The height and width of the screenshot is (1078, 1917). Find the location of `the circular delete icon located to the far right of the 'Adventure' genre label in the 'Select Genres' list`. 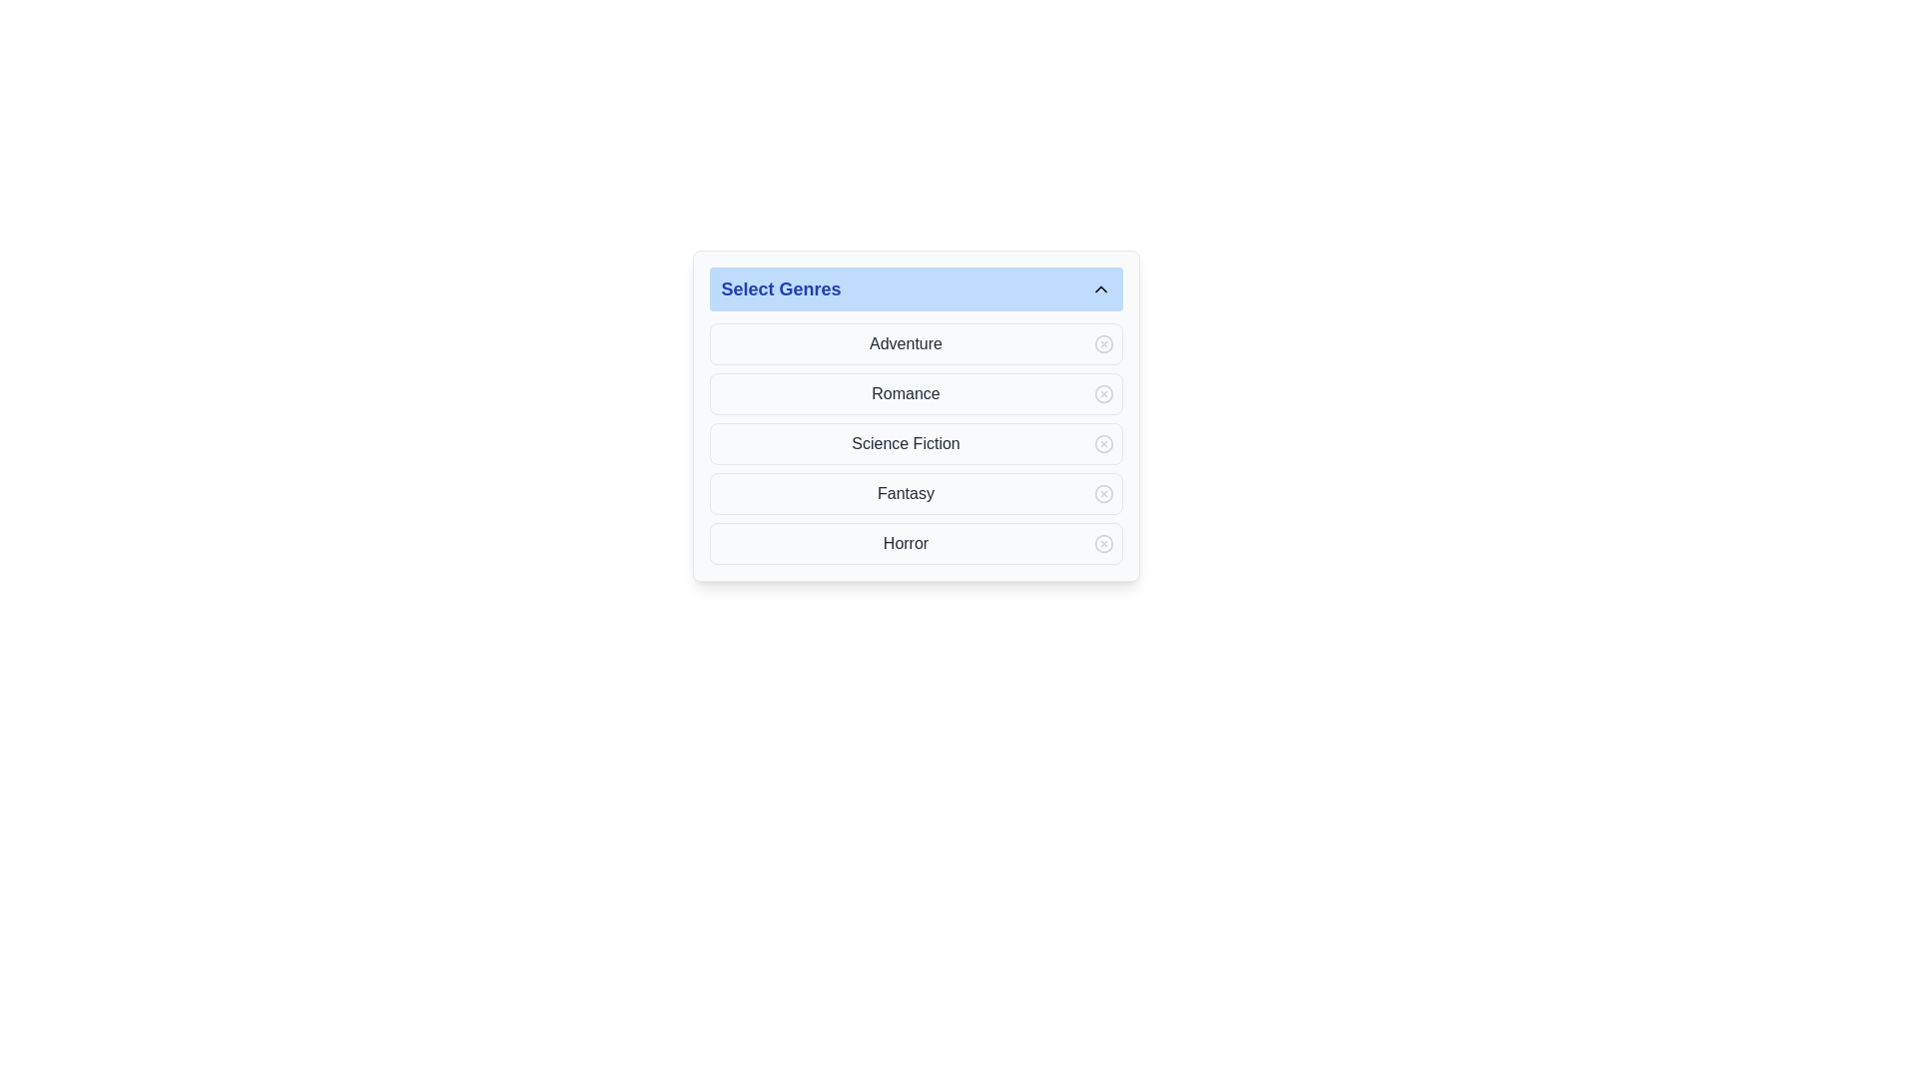

the circular delete icon located to the far right of the 'Adventure' genre label in the 'Select Genres' list is located at coordinates (1102, 342).